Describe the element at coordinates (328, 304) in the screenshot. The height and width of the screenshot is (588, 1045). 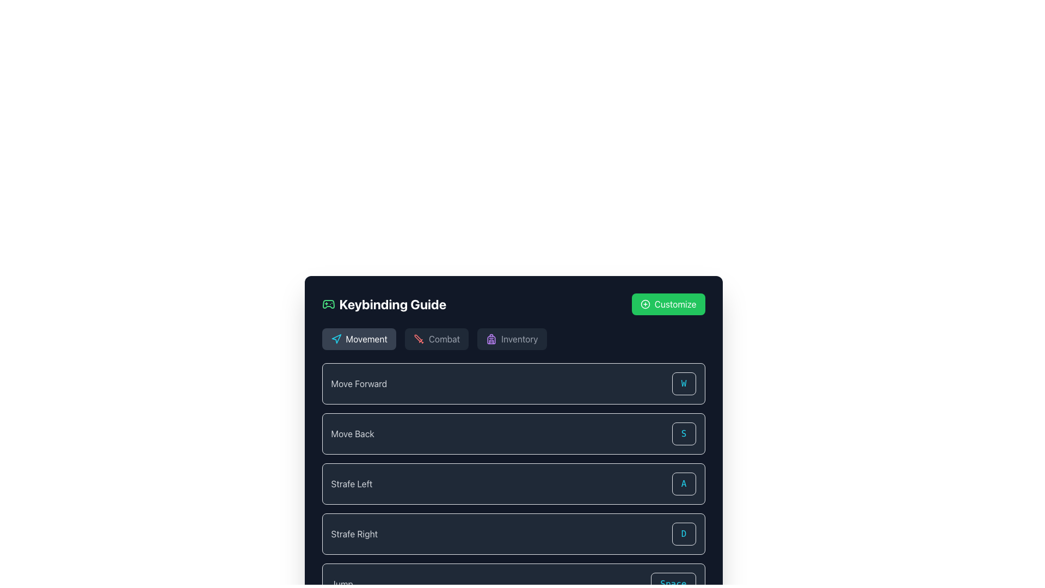
I see `the SVG graphical component representing a game controller icon, located near the top-left corner of the interface layout` at that location.